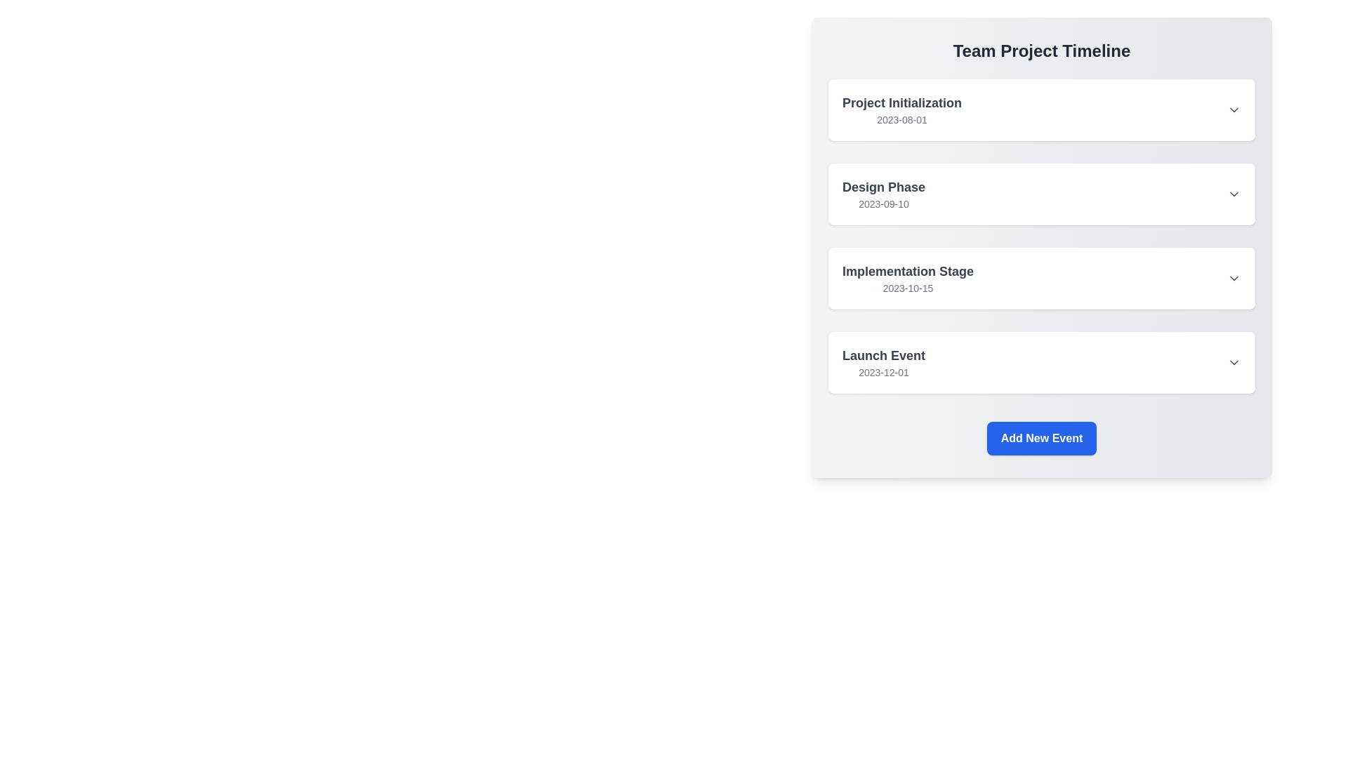 Image resolution: width=1348 pixels, height=758 pixels. What do you see at coordinates (1041, 437) in the screenshot?
I see `the button at the bottom of the 'Team Project Timeline' panel` at bounding box center [1041, 437].